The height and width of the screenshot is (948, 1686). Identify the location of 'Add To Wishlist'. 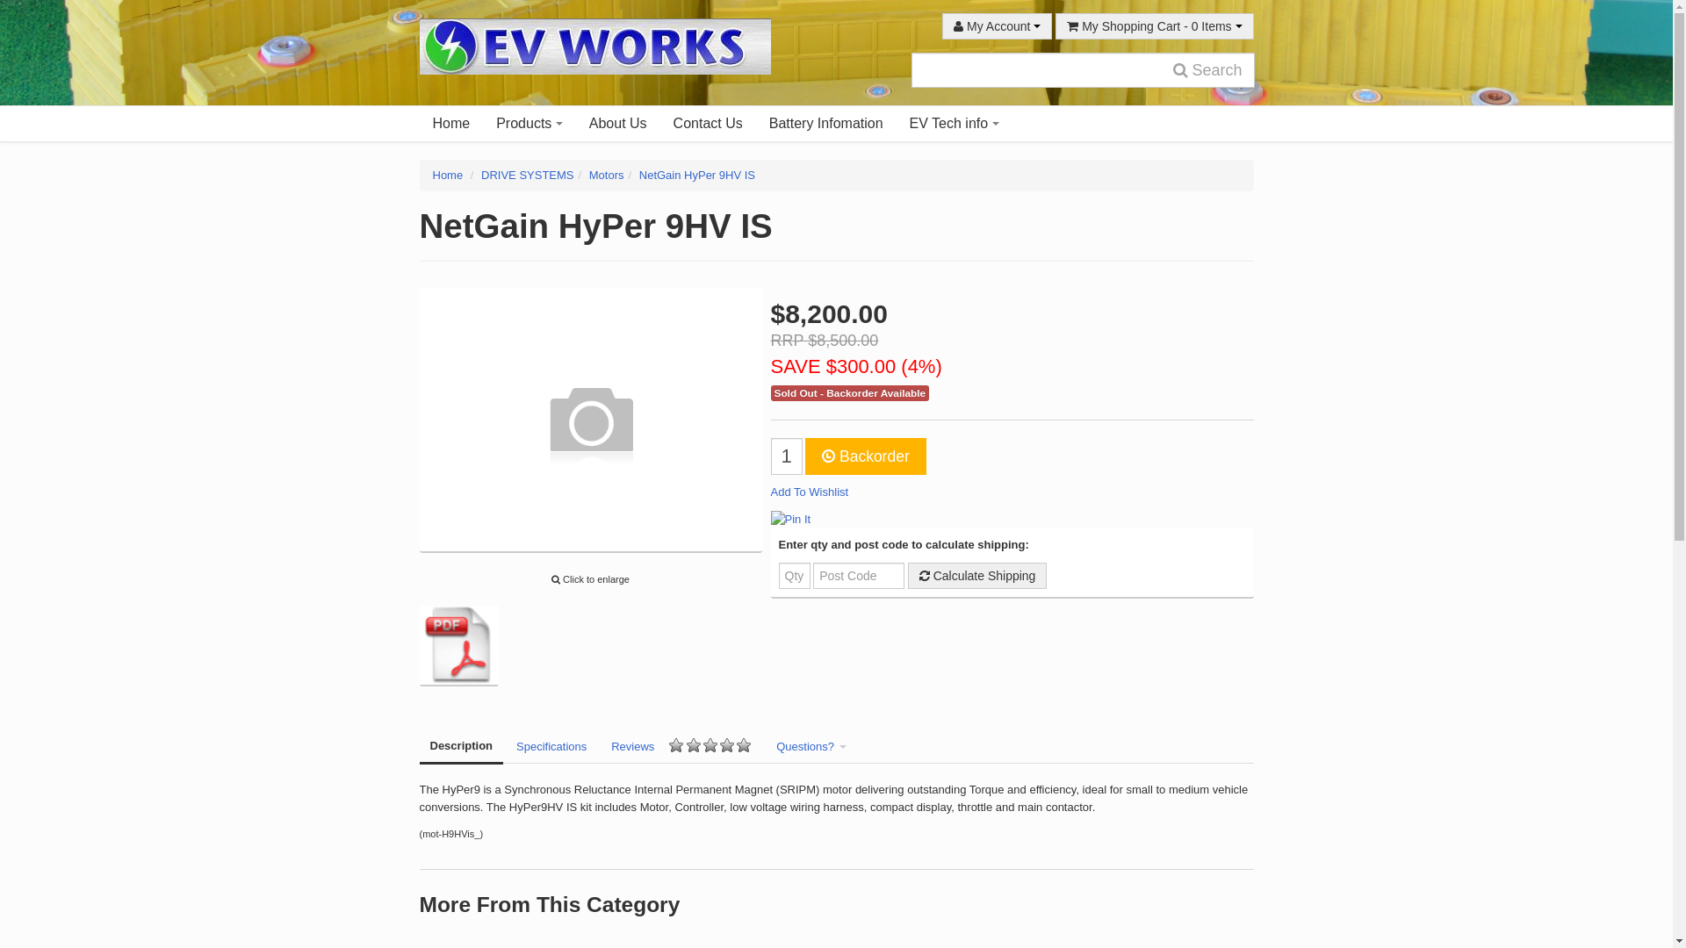
(809, 492).